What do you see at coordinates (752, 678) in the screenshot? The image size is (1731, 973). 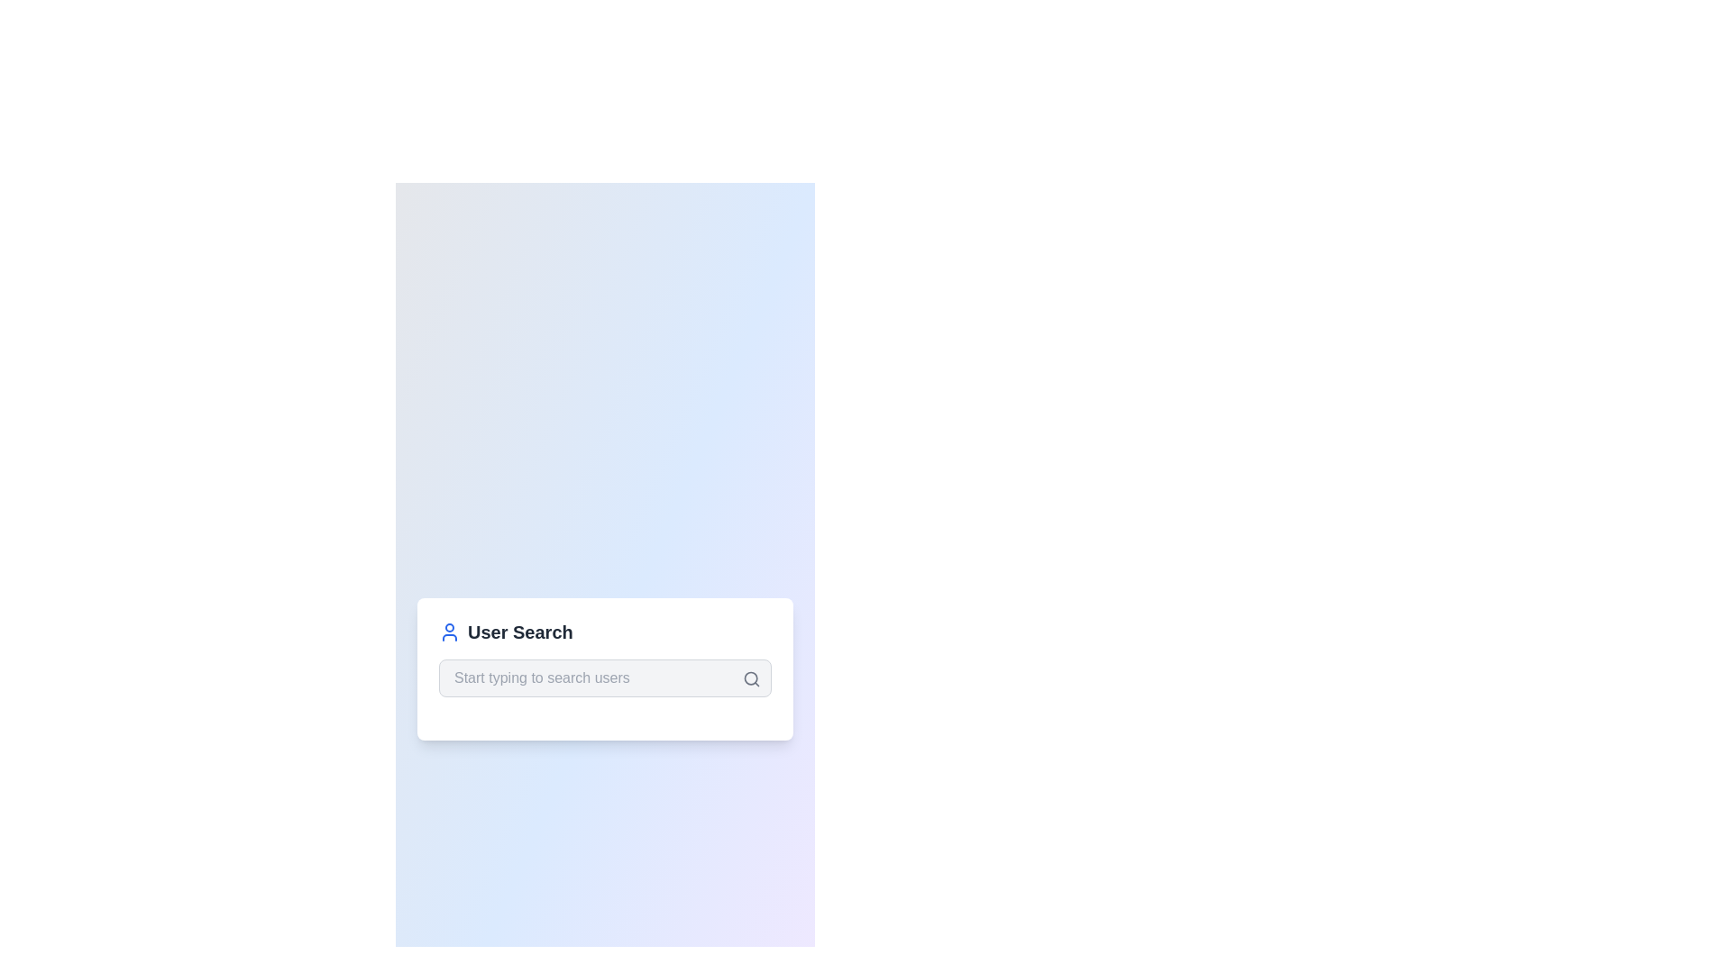 I see `the search icon button located at the absolute right-top corner of the input field to initiate a search action` at bounding box center [752, 678].